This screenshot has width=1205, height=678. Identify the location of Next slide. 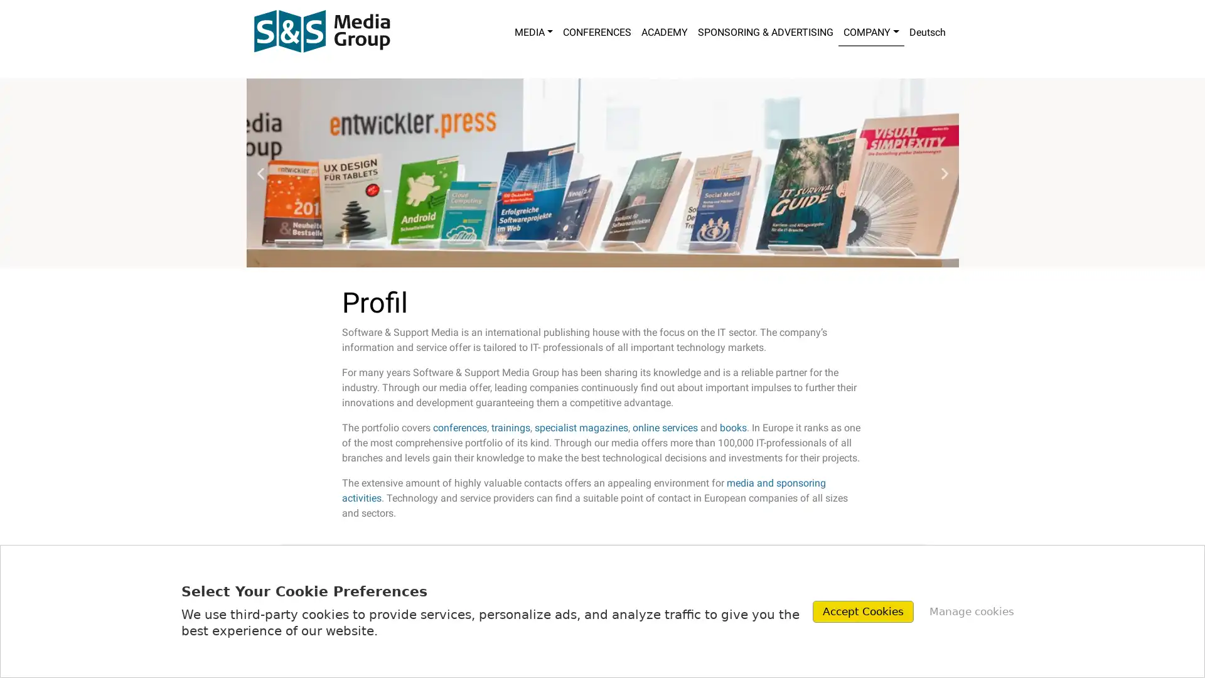
(944, 173).